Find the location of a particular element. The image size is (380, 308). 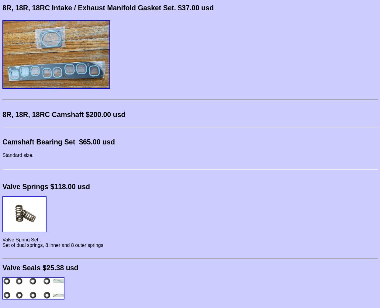

'Valve Seals $25.38 usd' is located at coordinates (40, 268).